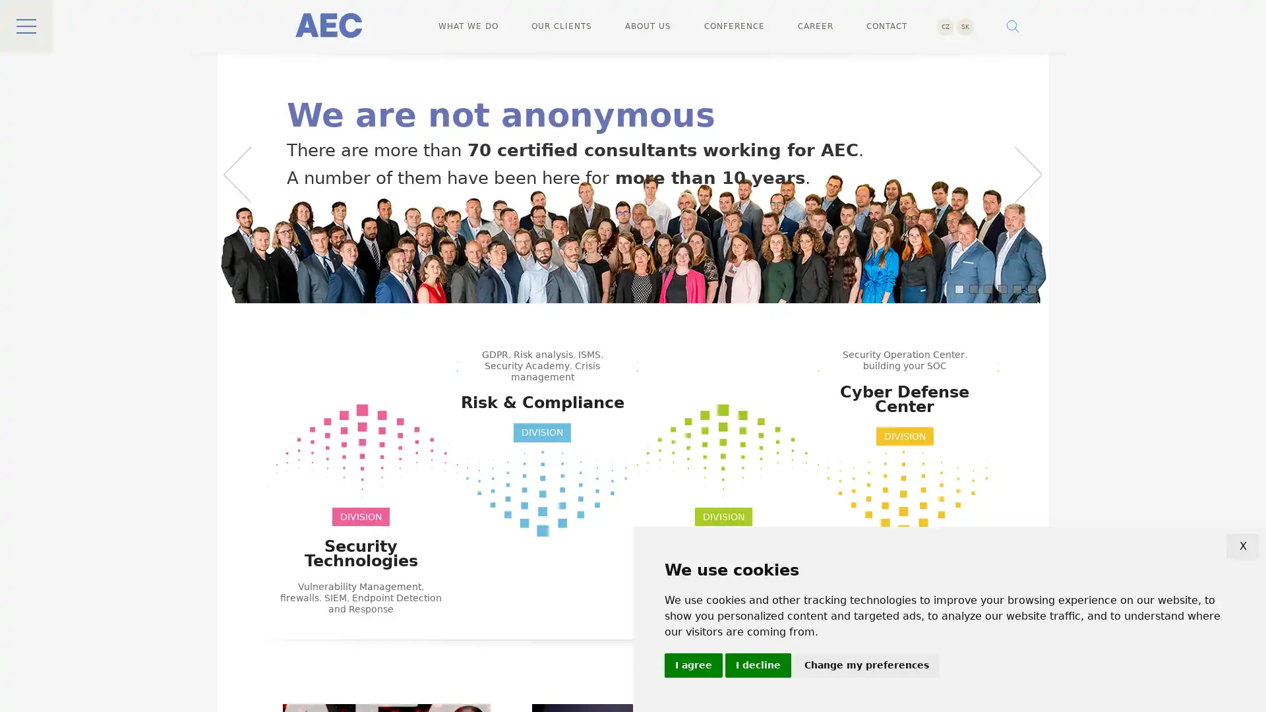 This screenshot has height=712, width=1266. What do you see at coordinates (866, 665) in the screenshot?
I see `Change my preferences` at bounding box center [866, 665].